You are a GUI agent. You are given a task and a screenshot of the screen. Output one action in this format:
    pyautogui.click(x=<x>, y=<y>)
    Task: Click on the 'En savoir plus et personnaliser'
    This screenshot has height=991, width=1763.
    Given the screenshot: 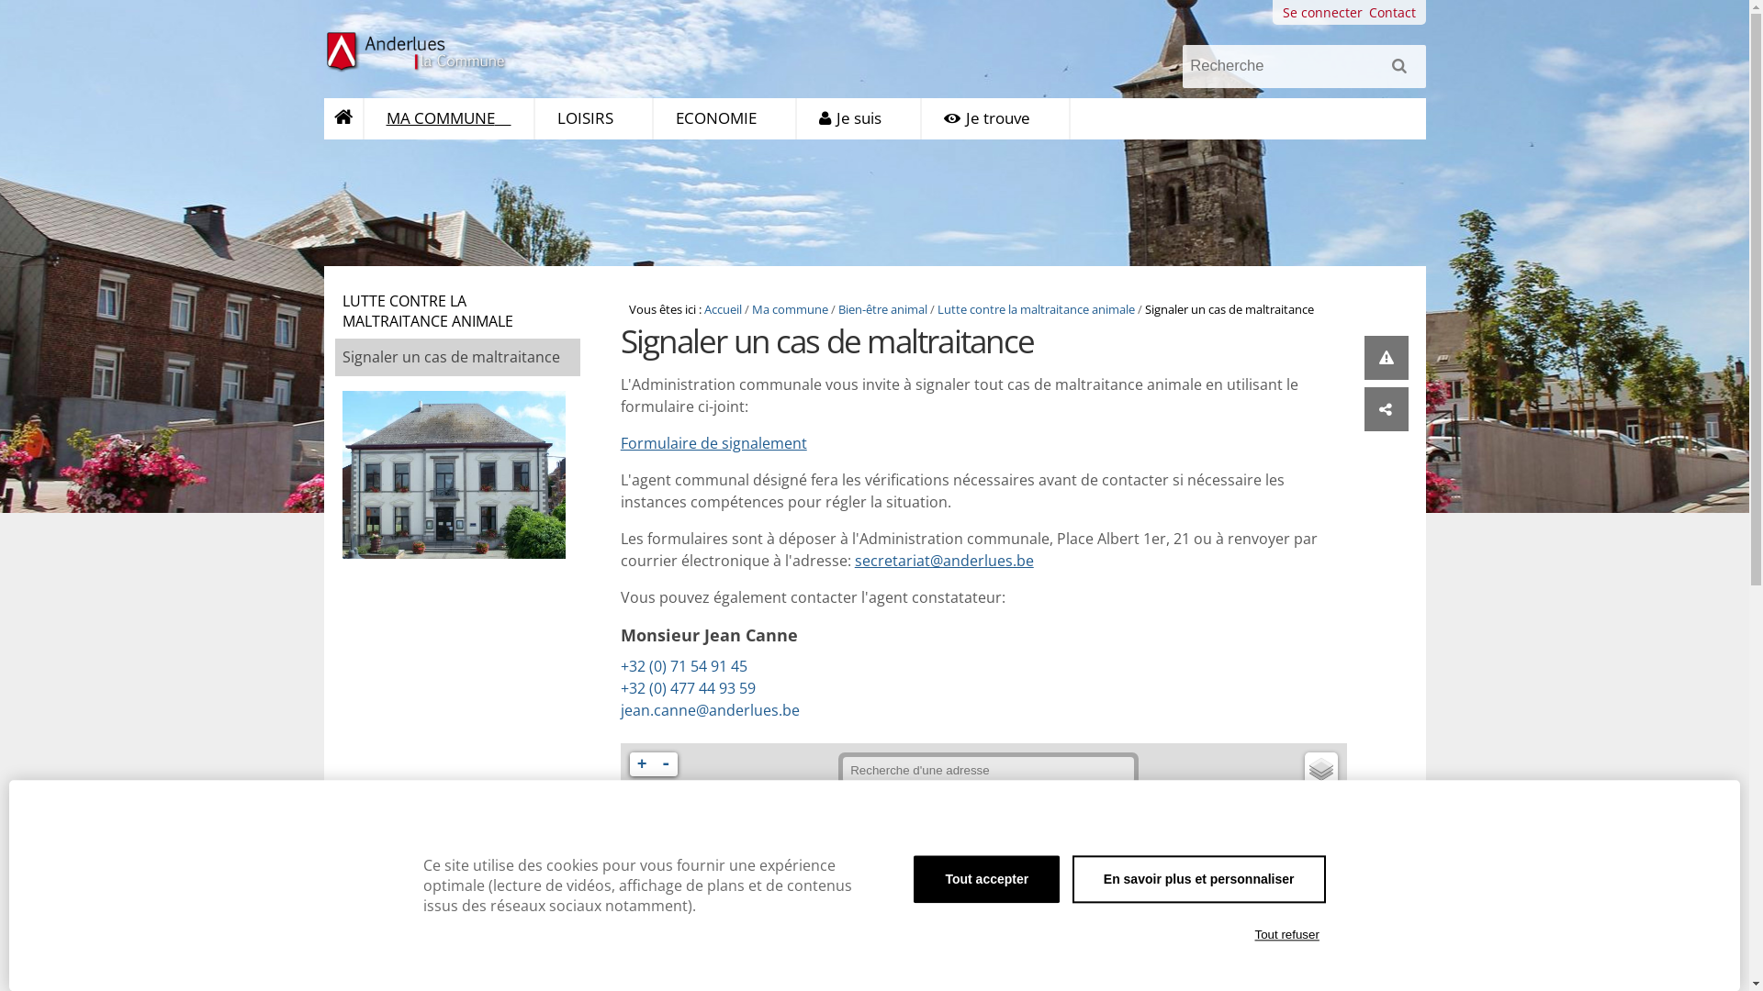 What is the action you would take?
    pyautogui.click(x=1198, y=877)
    